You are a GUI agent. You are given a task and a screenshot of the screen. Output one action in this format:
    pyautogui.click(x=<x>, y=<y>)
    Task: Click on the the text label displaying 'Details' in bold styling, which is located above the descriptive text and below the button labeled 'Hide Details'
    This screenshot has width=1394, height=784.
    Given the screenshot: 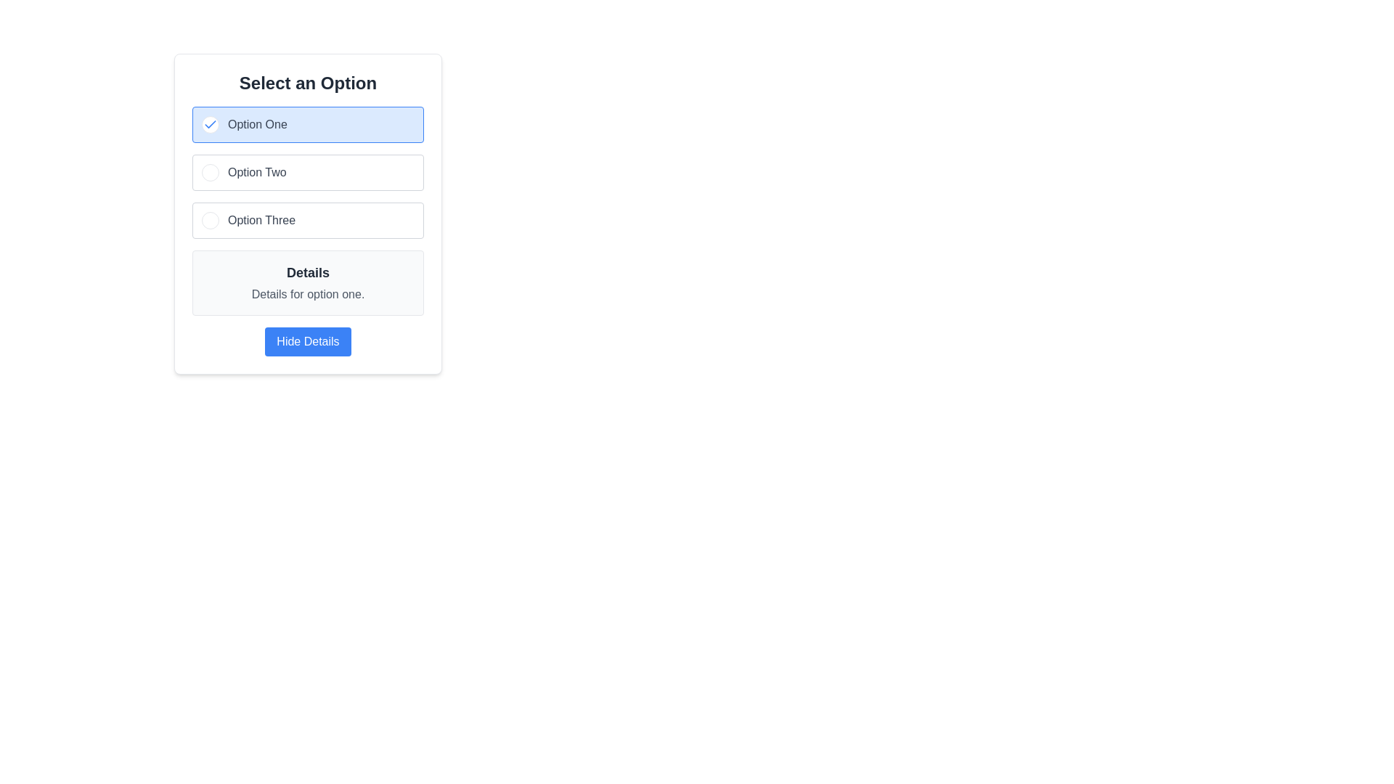 What is the action you would take?
    pyautogui.click(x=307, y=272)
    